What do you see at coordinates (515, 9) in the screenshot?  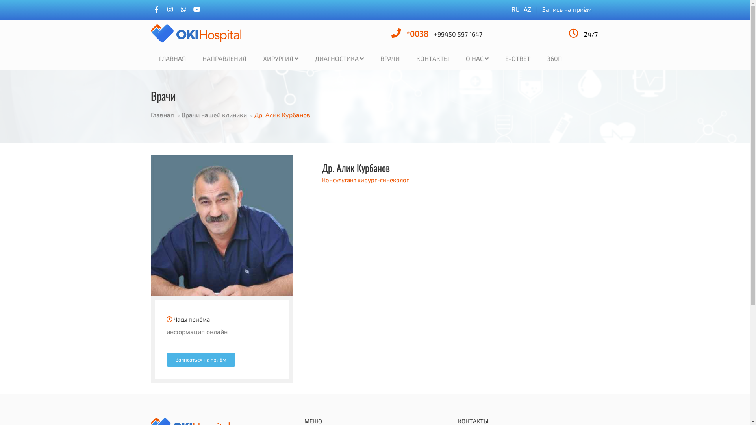 I see `'RU'` at bounding box center [515, 9].